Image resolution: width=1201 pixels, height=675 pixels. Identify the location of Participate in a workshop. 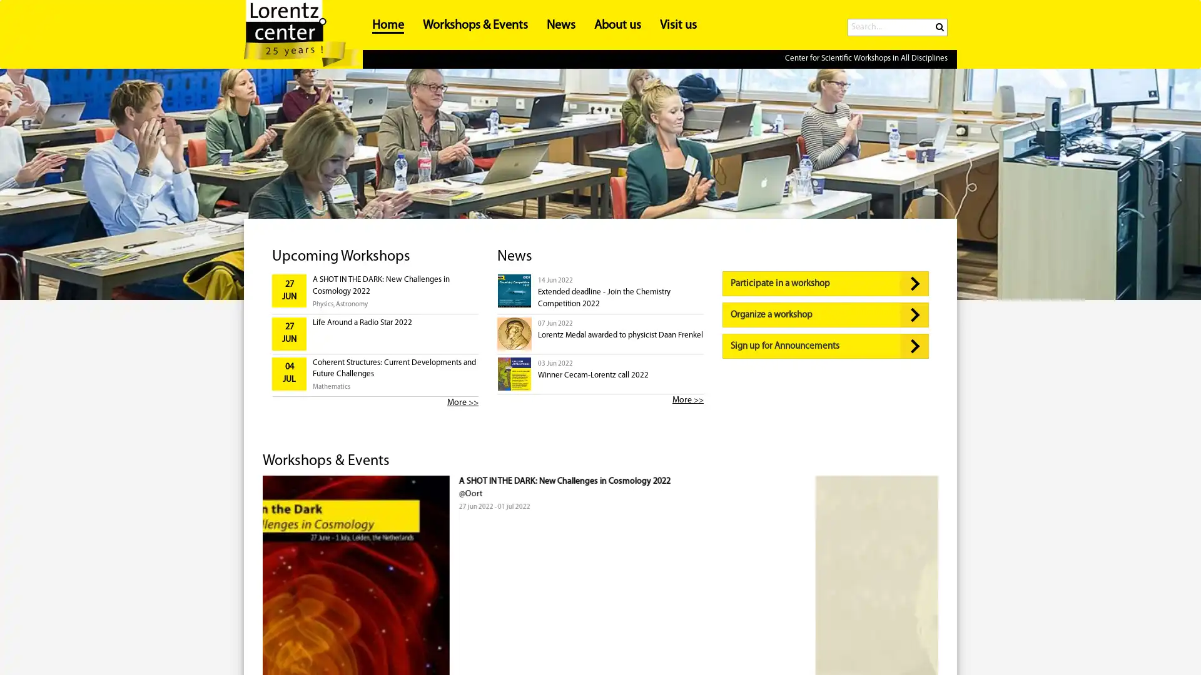
(826, 284).